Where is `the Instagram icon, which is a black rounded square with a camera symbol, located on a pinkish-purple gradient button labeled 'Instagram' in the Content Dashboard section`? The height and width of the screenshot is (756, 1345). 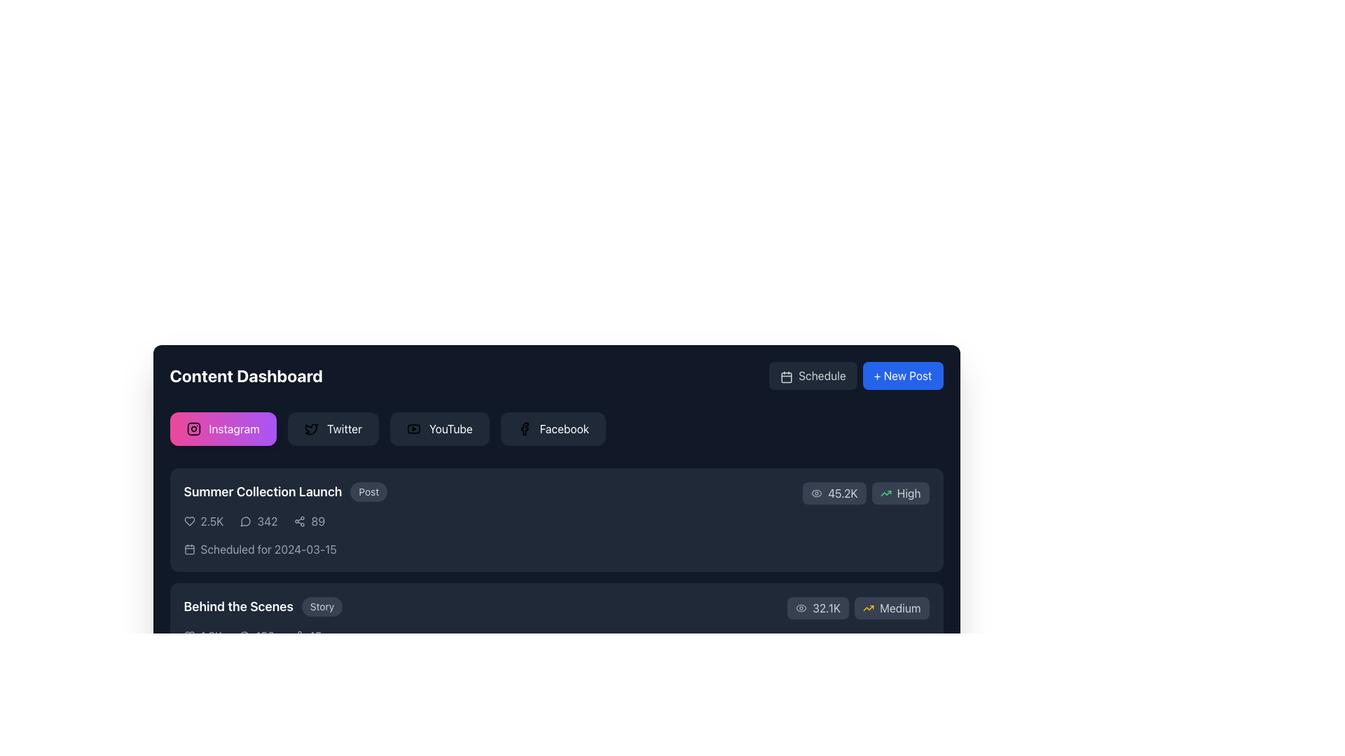
the Instagram icon, which is a black rounded square with a camera symbol, located on a pinkish-purple gradient button labeled 'Instagram' in the Content Dashboard section is located at coordinates (193, 428).